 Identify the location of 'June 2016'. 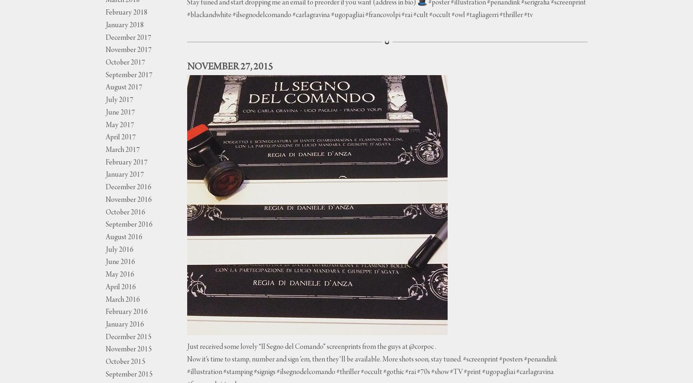
(119, 262).